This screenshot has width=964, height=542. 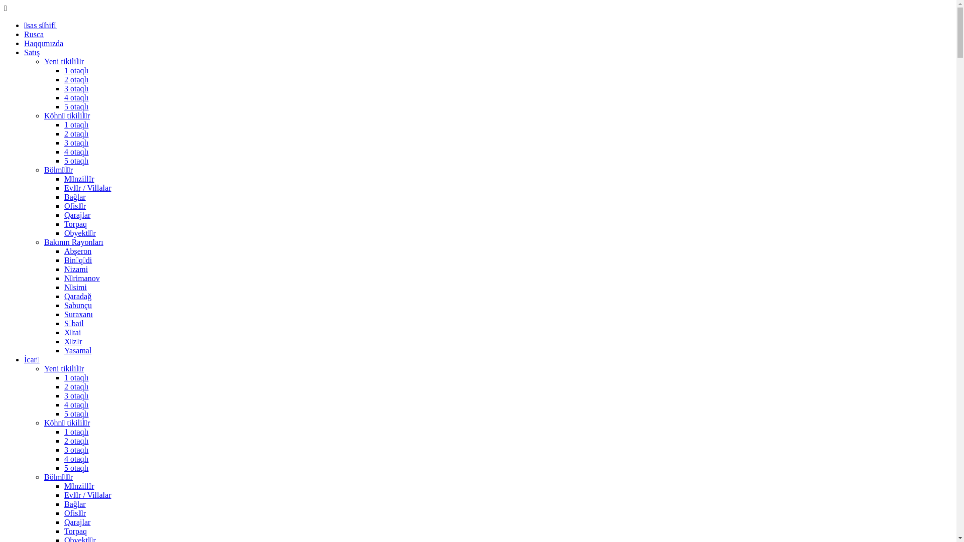 What do you see at coordinates (64, 521) in the screenshot?
I see `'Qarajlar'` at bounding box center [64, 521].